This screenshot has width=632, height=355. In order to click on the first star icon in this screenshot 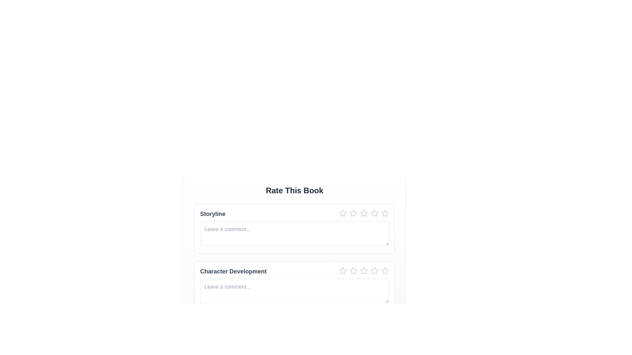, I will do `click(342, 271)`.